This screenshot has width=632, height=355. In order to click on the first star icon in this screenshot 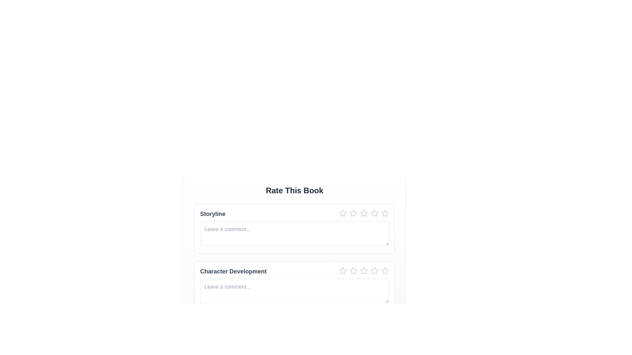, I will do `click(342, 271)`.